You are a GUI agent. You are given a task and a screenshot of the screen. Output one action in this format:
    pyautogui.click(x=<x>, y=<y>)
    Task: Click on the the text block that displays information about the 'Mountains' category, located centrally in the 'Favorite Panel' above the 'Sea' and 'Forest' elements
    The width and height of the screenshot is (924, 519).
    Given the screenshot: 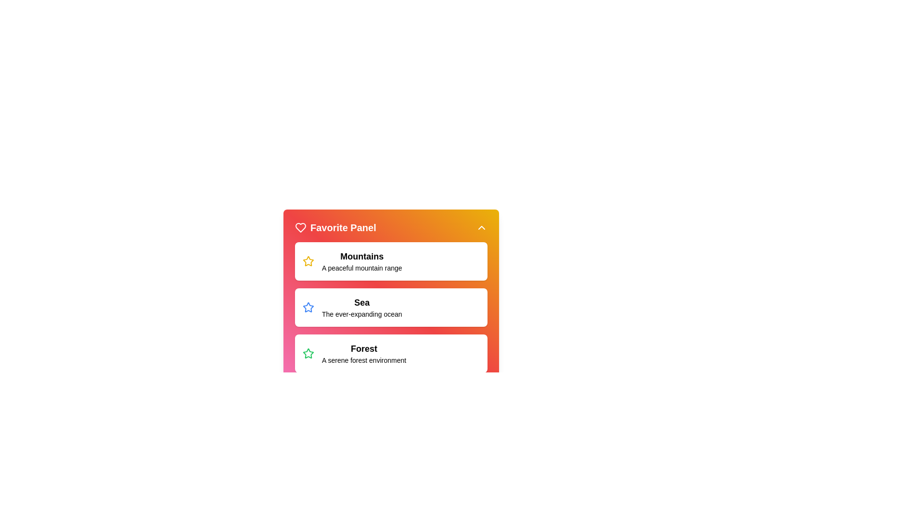 What is the action you would take?
    pyautogui.click(x=361, y=261)
    